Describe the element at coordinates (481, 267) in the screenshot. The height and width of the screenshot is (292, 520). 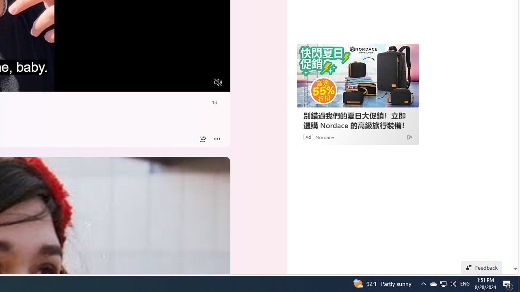
I see `'Feedback'` at that location.